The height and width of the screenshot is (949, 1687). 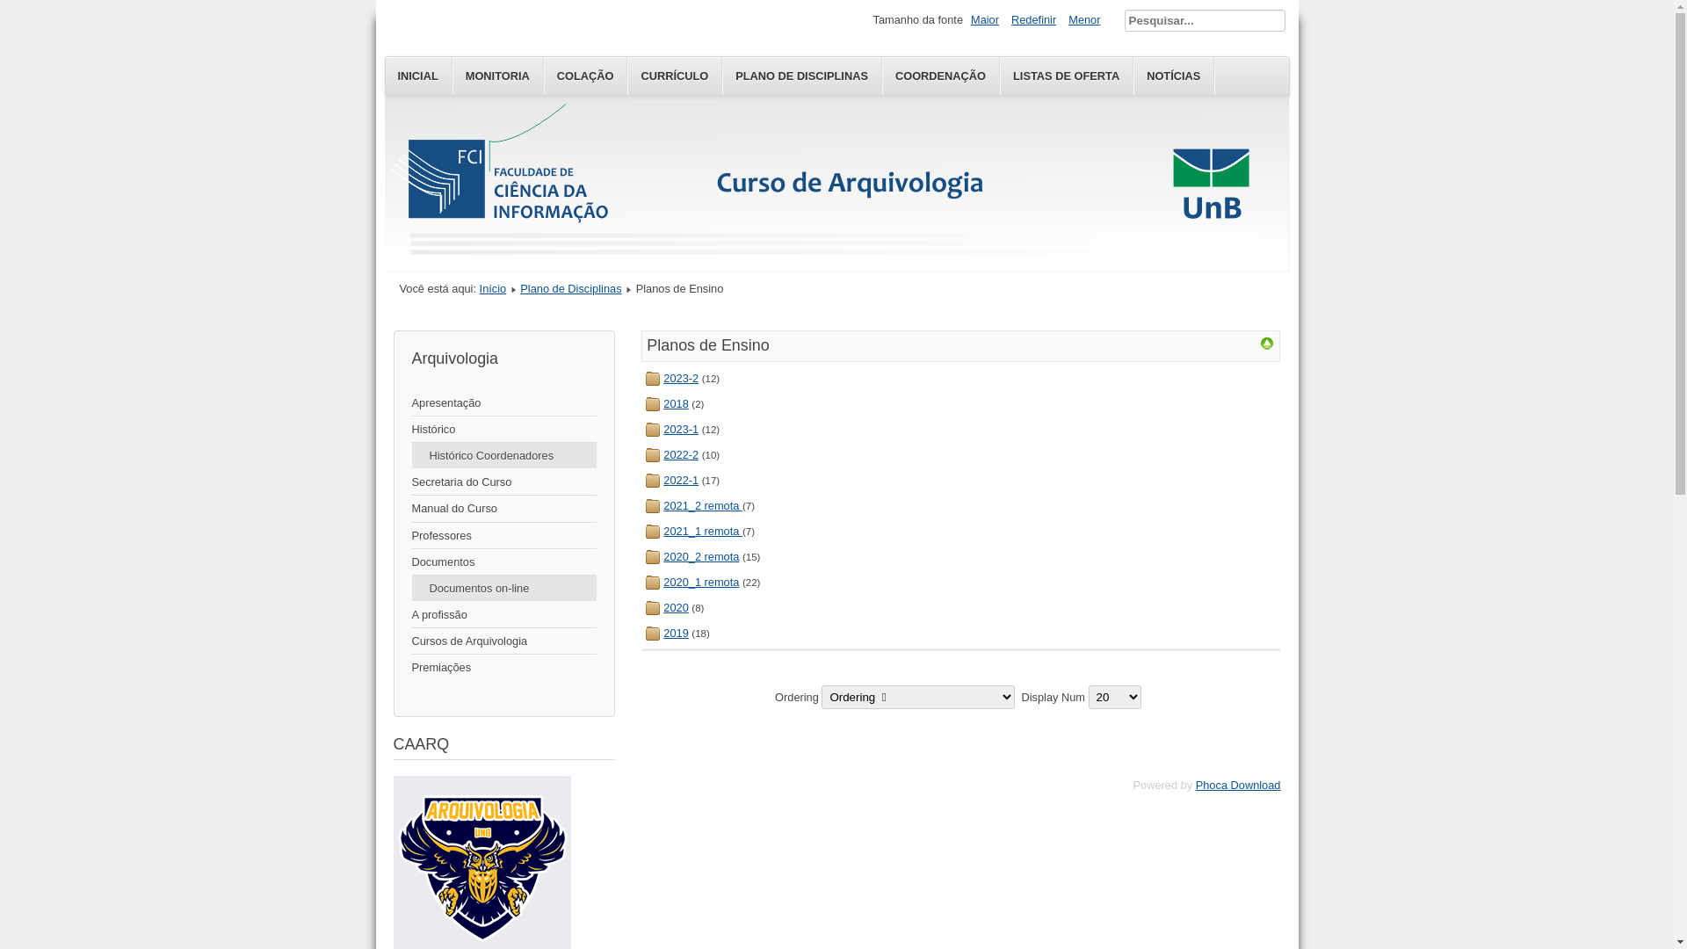 I want to click on '2021_1 remota', so click(x=703, y=530).